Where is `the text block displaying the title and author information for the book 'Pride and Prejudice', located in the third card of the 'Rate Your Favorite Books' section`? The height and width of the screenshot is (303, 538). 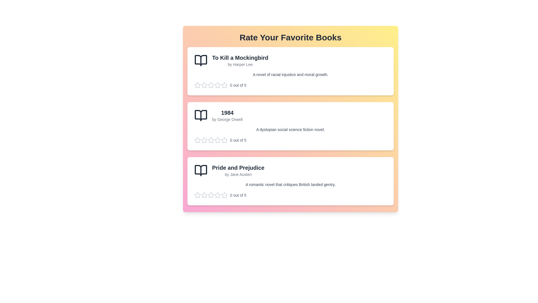
the text block displaying the title and author information for the book 'Pride and Prejudice', located in the third card of the 'Rate Your Favorite Books' section is located at coordinates (238, 170).